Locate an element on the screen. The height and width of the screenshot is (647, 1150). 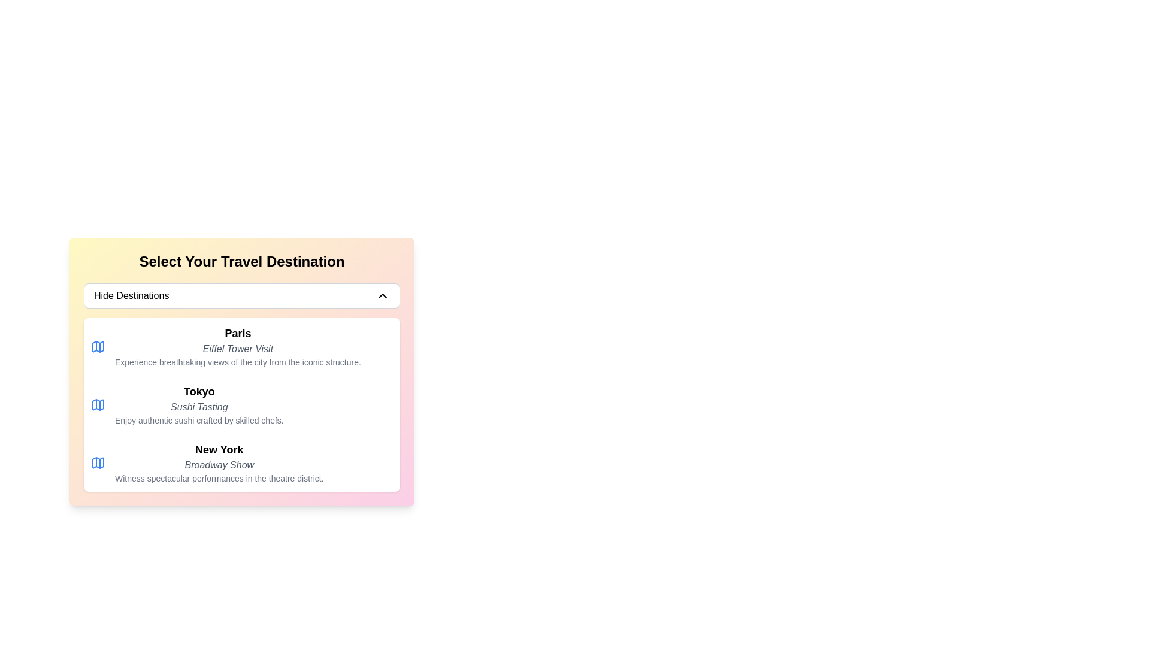
the text of the List Item displaying 'New York' with the subtitle 'Broadway Show' and description 'Witness spectacular performances in the theatre district.' is located at coordinates (241, 462).